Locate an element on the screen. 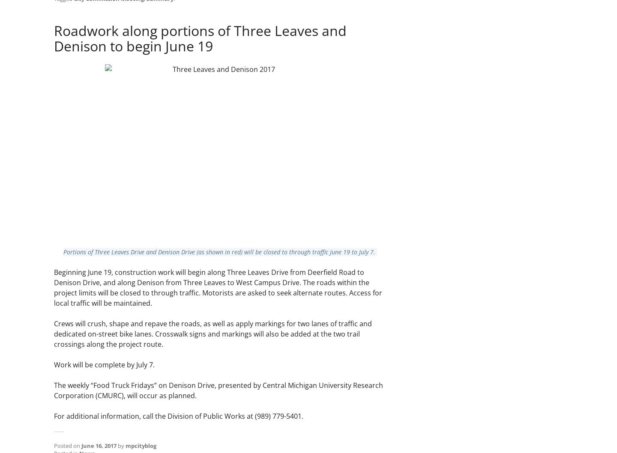  'Posted on' is located at coordinates (67, 445).